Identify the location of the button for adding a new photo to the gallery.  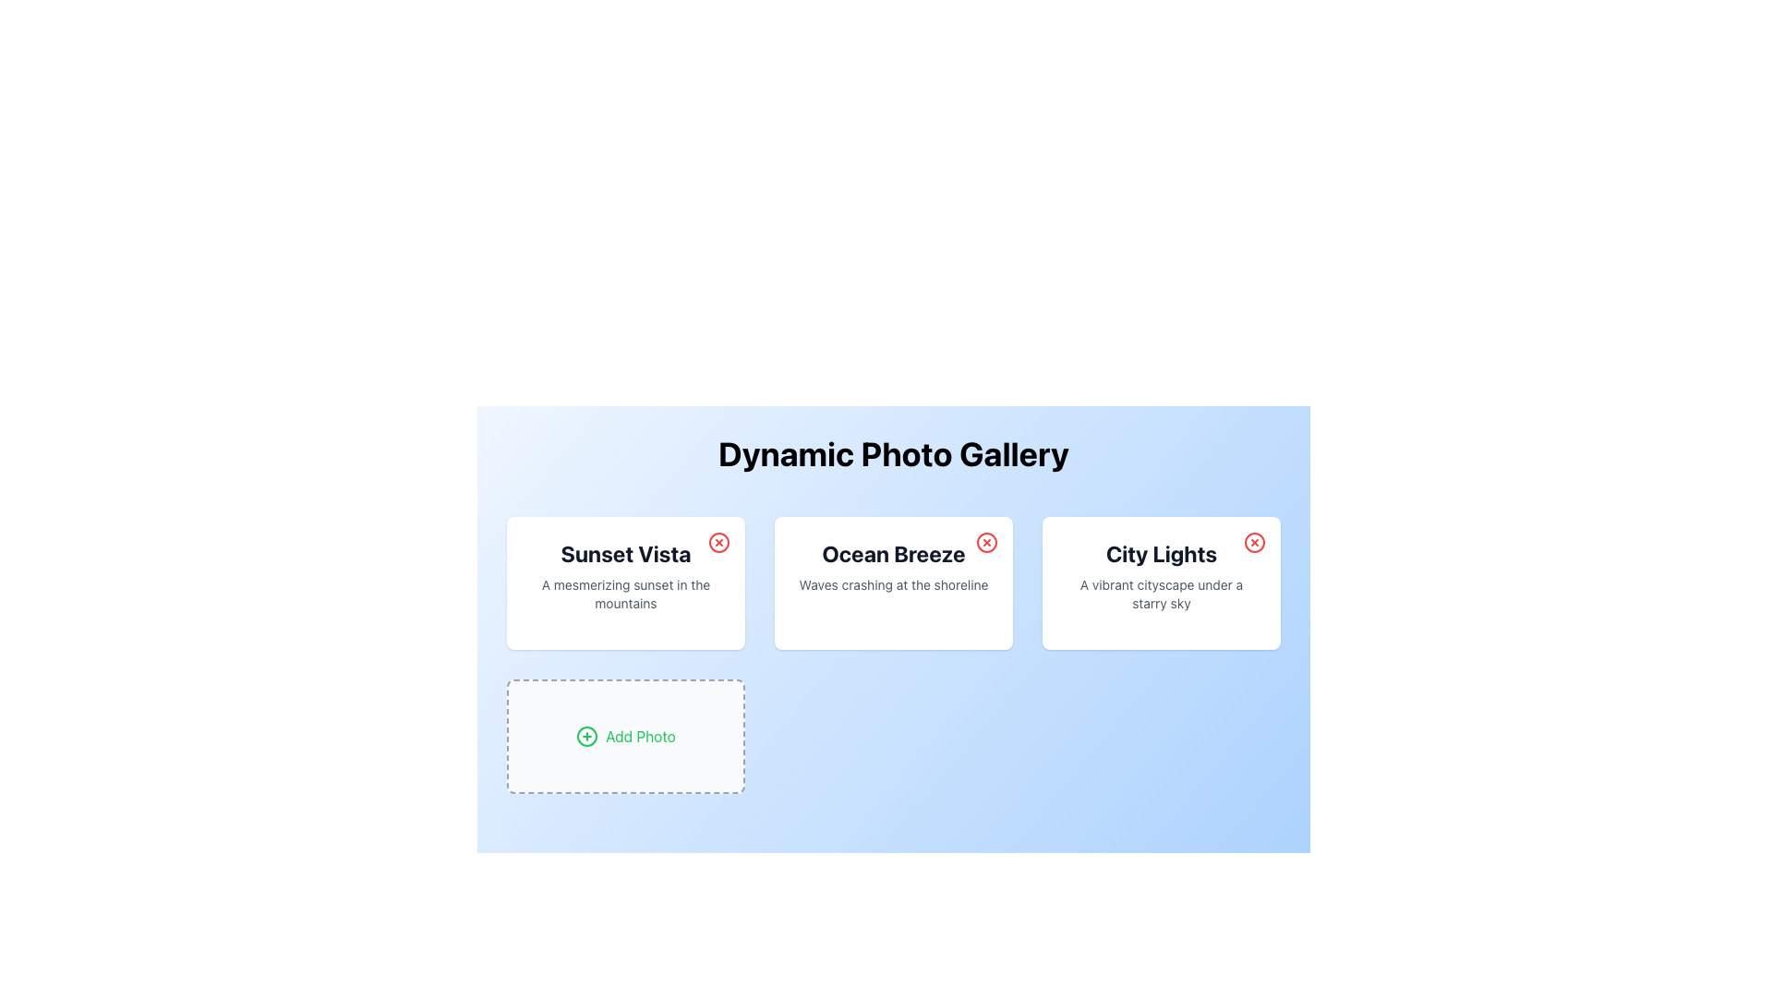
(625, 736).